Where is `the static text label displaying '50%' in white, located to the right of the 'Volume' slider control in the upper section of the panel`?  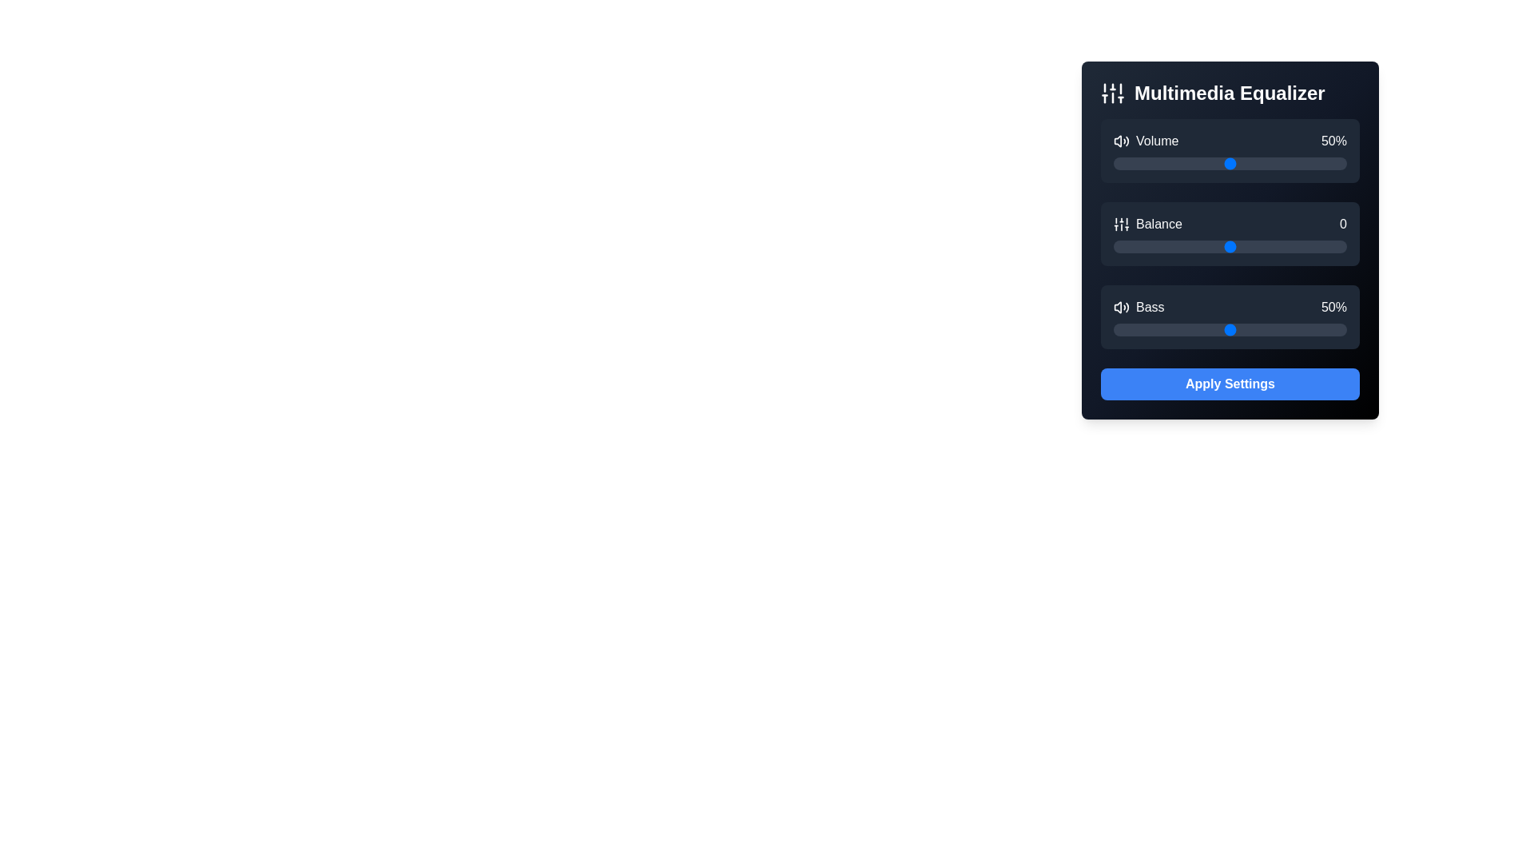
the static text label displaying '50%' in white, located to the right of the 'Volume' slider control in the upper section of the panel is located at coordinates (1334, 141).